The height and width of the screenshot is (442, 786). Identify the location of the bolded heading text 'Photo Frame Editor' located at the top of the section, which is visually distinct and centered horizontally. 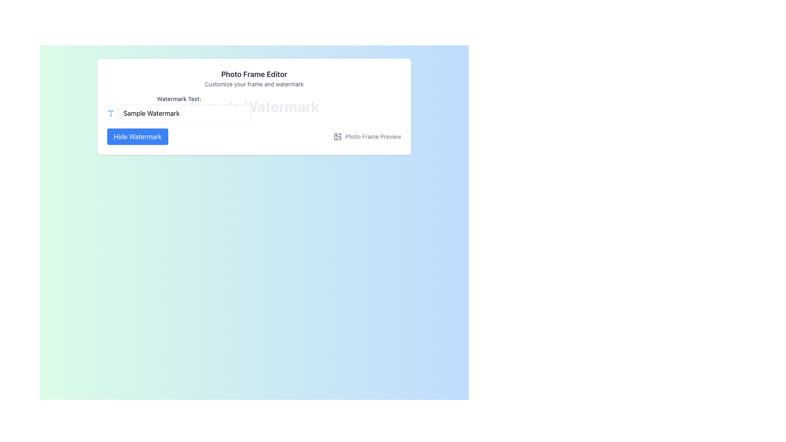
(253, 74).